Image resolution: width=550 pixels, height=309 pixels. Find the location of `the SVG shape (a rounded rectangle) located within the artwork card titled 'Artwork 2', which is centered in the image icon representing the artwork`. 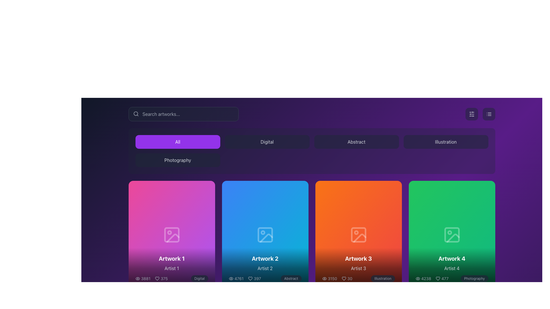

the SVG shape (a rounded rectangle) located within the artwork card titled 'Artwork 2', which is centered in the image icon representing the artwork is located at coordinates (265, 235).